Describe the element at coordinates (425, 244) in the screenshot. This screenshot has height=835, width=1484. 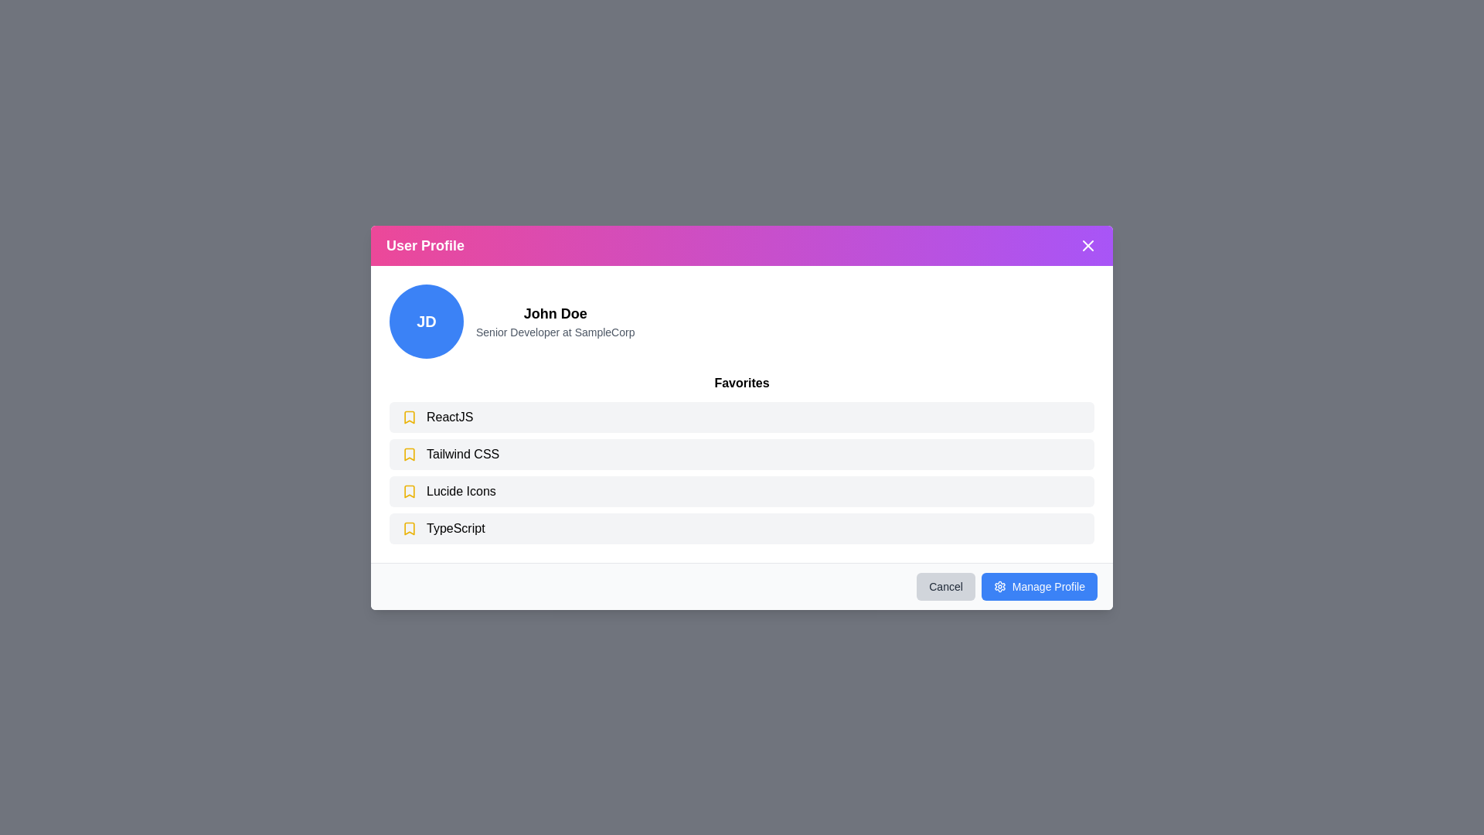
I see `the 'User Profile' text label, which is styled in bold white font and located in the top-left corner of the header section of the dialog` at that location.